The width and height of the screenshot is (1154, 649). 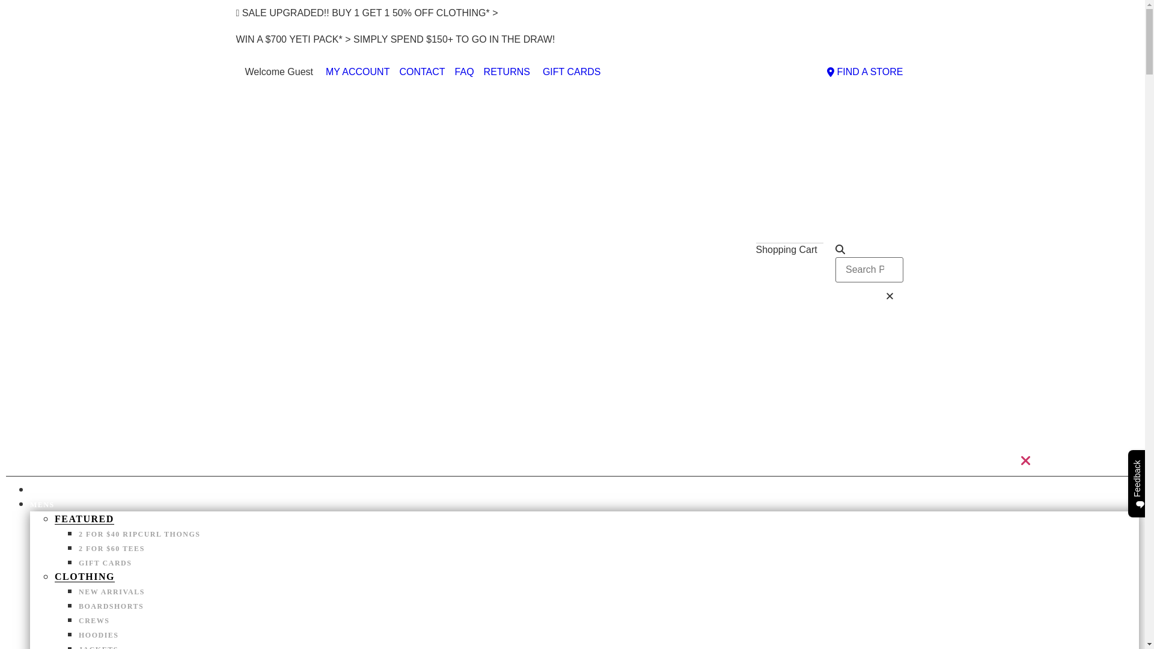 What do you see at coordinates (421, 72) in the screenshot?
I see `'CONTACT'` at bounding box center [421, 72].